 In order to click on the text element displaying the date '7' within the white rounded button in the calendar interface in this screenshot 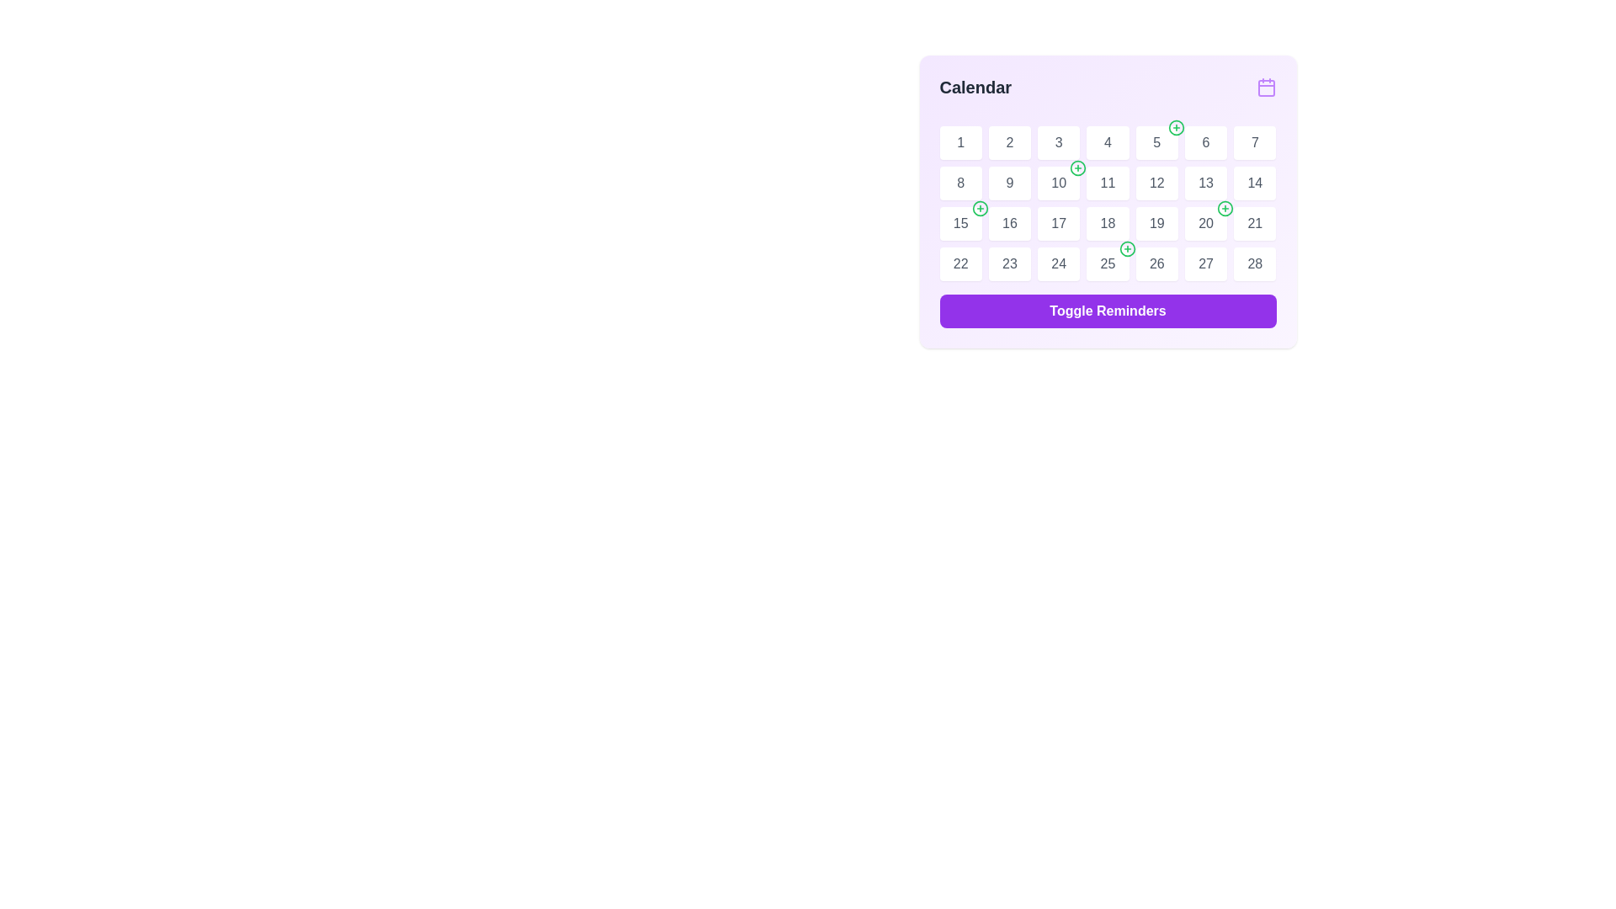, I will do `click(1255, 141)`.